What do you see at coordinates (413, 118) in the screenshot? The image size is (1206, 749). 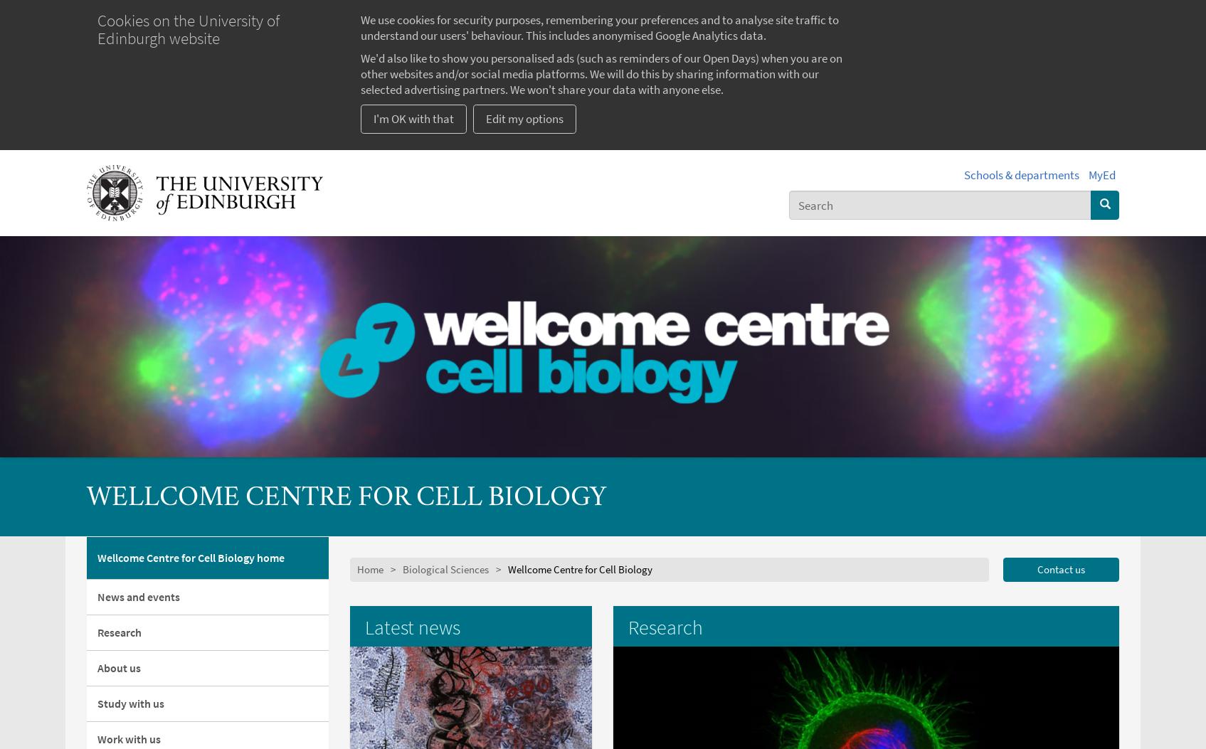 I see `'I'm OK with that'` at bounding box center [413, 118].